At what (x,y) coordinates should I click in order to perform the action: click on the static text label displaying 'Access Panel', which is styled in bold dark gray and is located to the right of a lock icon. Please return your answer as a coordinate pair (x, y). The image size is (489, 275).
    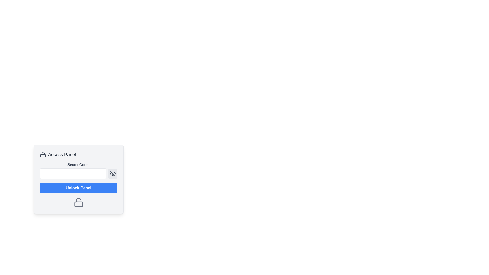
    Looking at the image, I should click on (62, 154).